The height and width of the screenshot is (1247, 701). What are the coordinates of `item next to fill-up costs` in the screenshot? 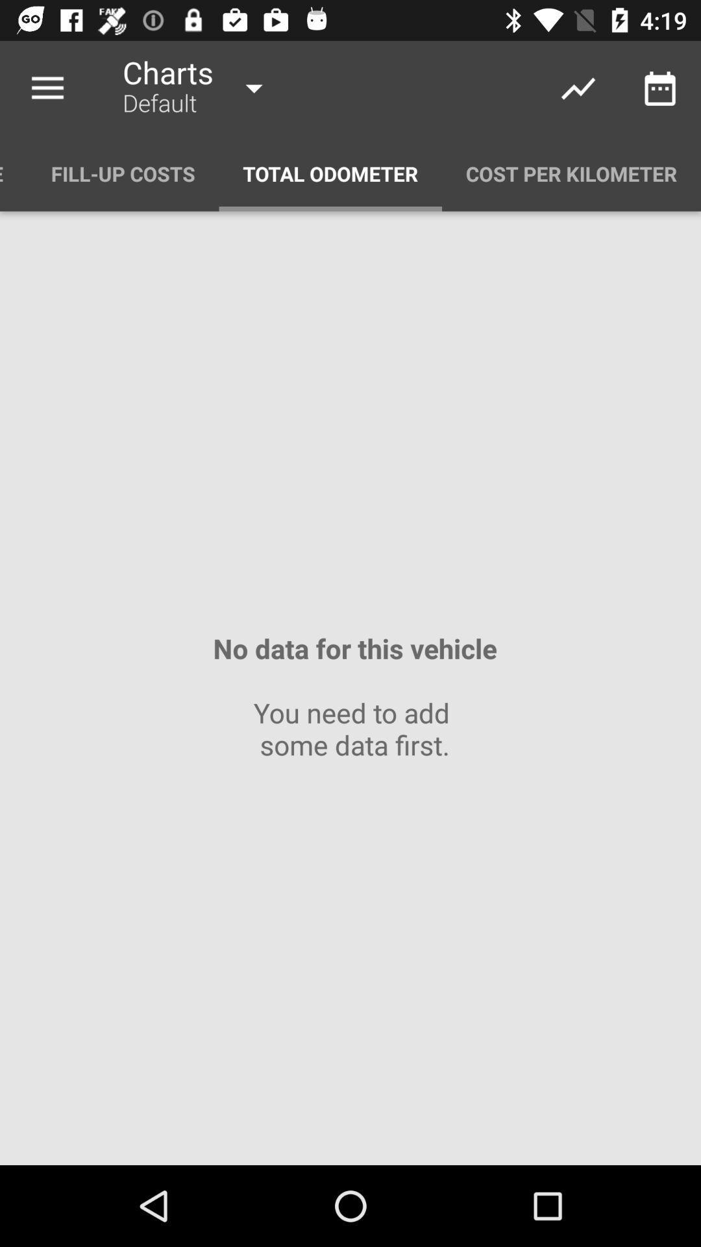 It's located at (13, 173).